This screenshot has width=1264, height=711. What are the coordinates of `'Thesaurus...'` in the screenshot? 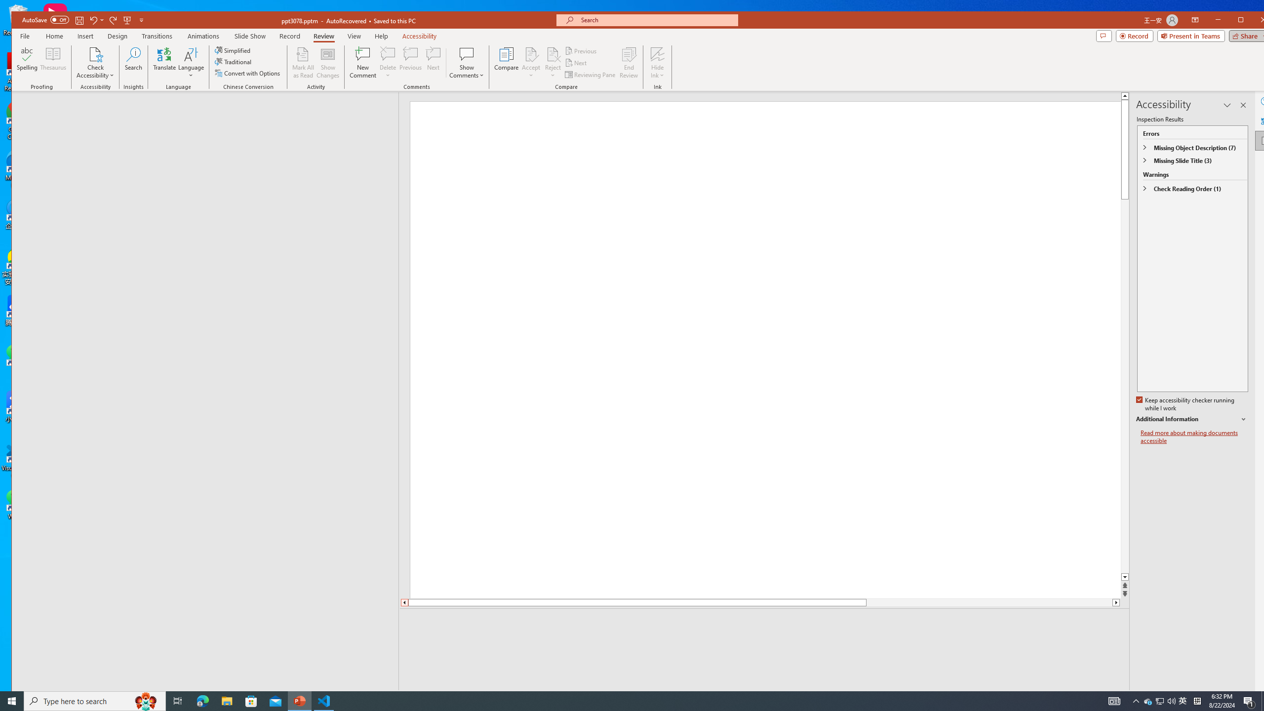 It's located at (53, 62).